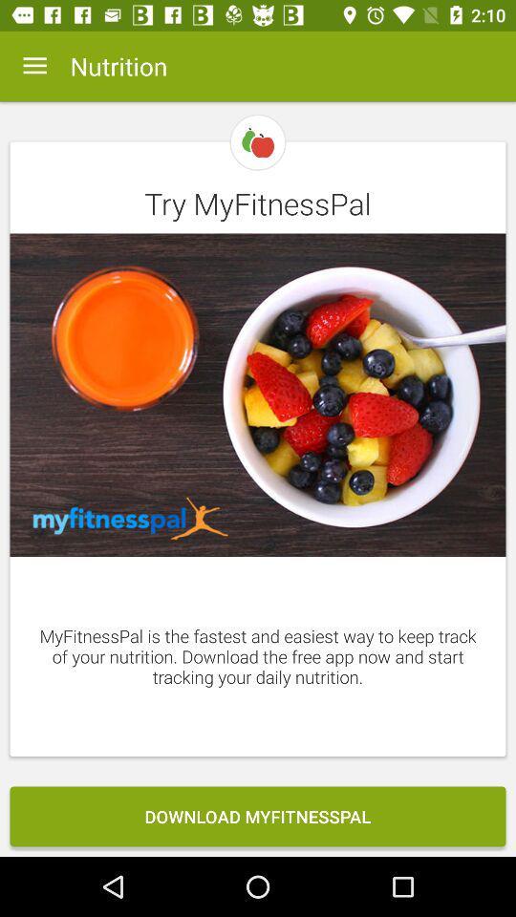 This screenshot has width=516, height=917. What do you see at coordinates (34, 66) in the screenshot?
I see `icon above the try myfitnesspal` at bounding box center [34, 66].